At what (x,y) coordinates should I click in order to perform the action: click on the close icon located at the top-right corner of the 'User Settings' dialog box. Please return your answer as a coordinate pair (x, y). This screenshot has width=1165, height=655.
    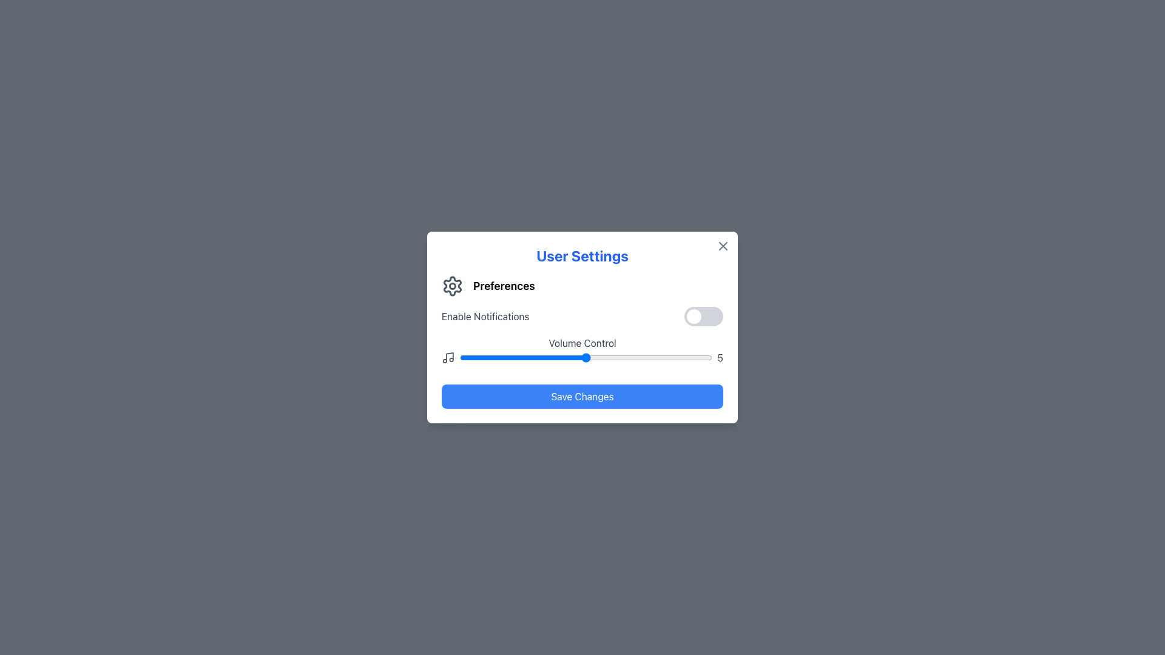
    Looking at the image, I should click on (723, 246).